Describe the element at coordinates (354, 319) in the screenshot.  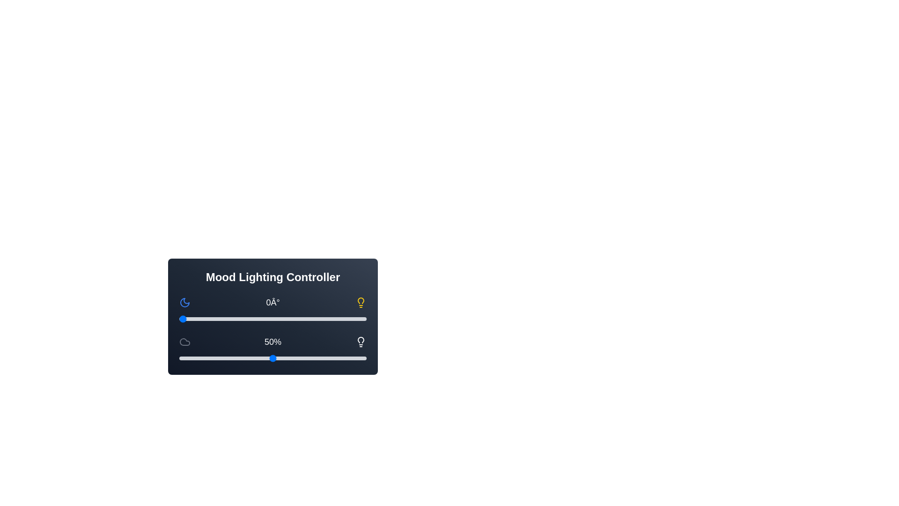
I see `the hue slider to 338 degrees` at that location.